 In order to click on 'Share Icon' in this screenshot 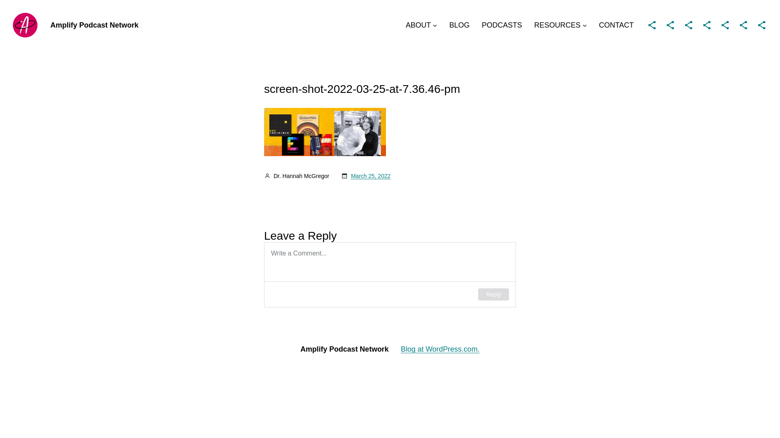, I will do `click(725, 24)`.